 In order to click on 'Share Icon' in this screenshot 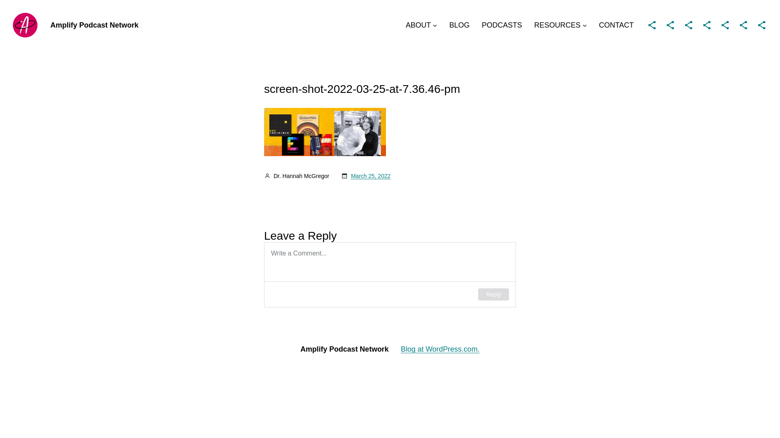, I will do `click(725, 24)`.